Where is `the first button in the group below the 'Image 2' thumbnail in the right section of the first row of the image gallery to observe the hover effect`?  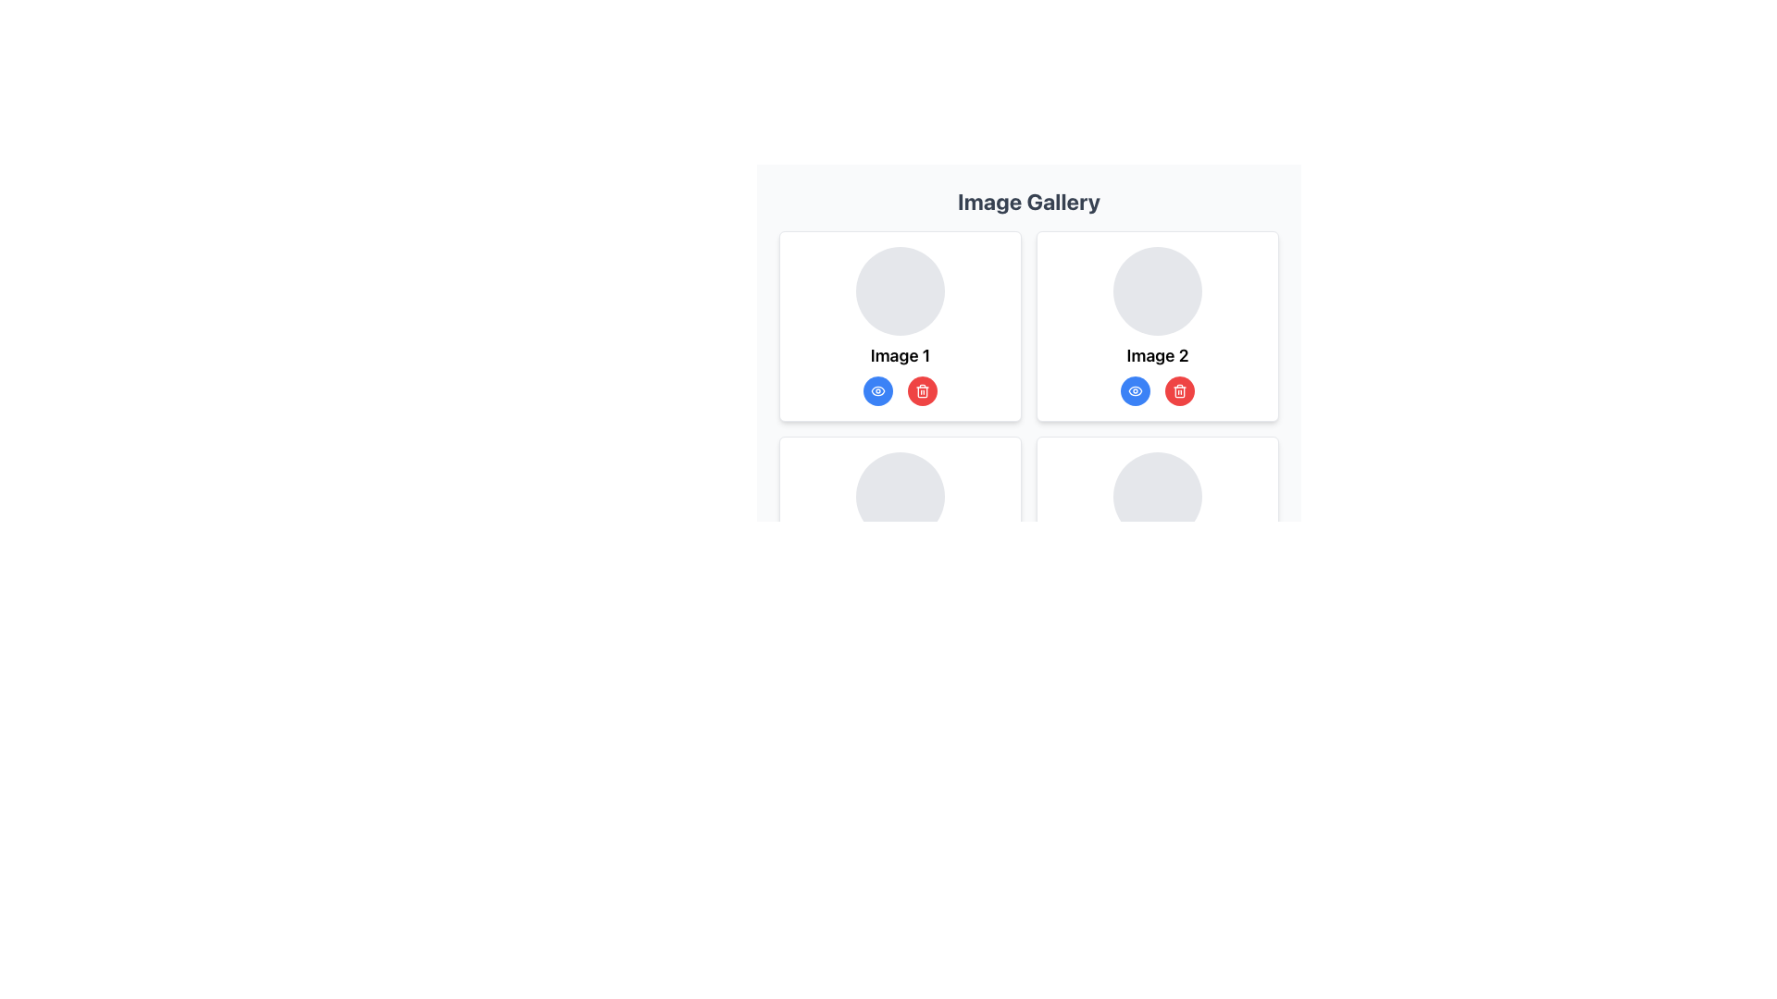 the first button in the group below the 'Image 2' thumbnail in the right section of the first row of the image gallery to observe the hover effect is located at coordinates (1135, 390).